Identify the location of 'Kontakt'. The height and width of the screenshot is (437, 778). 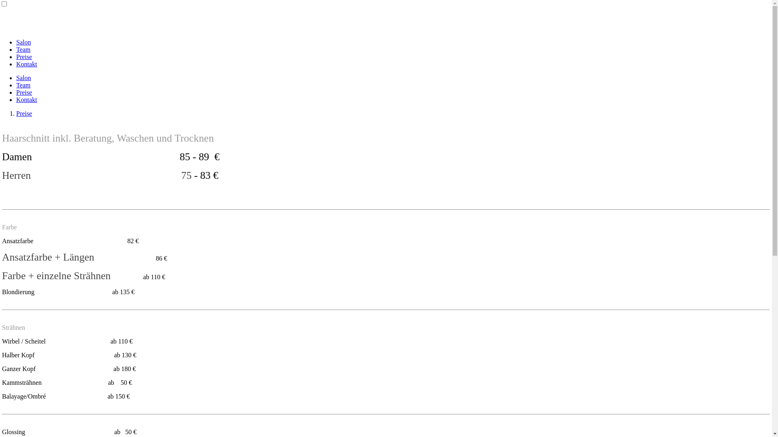
(27, 99).